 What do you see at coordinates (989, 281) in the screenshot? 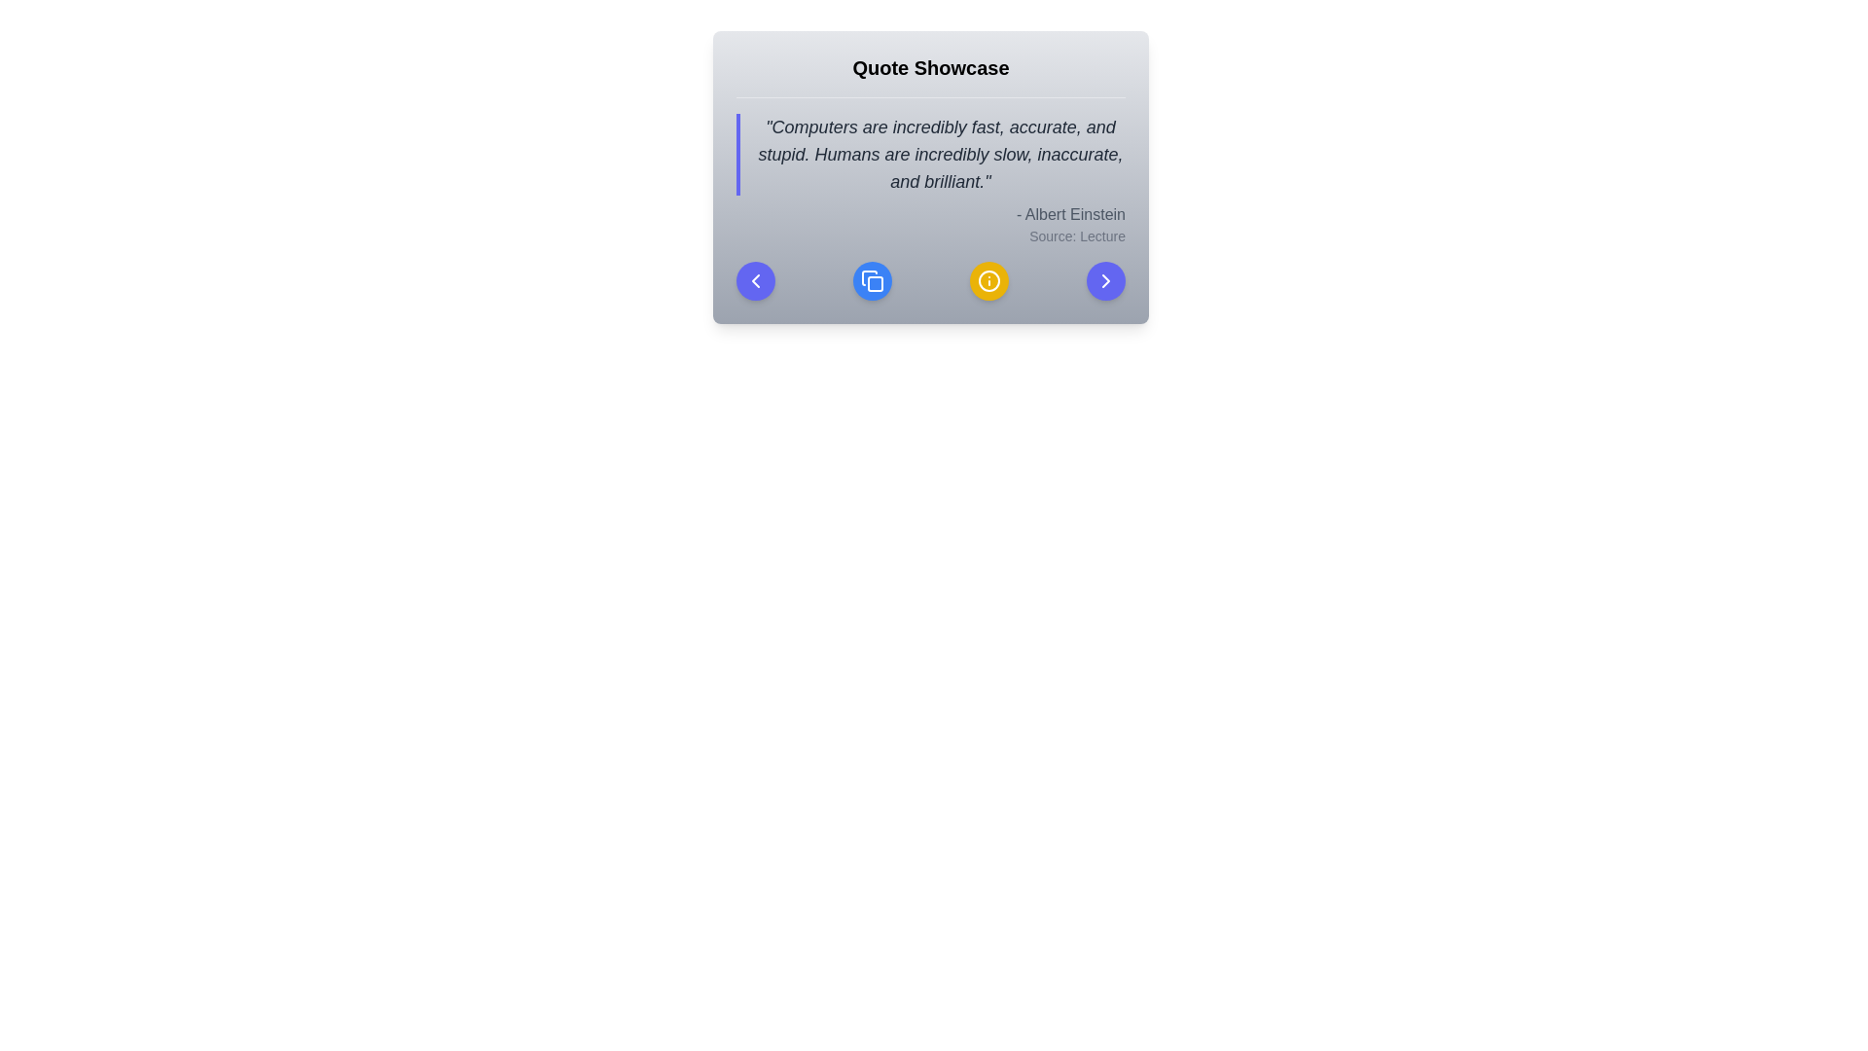
I see `the circular yellow button with a white outline and an information icon, which is the third button in a row at the bottom of the card, positioned between a blue copy button and a blue navigation button` at bounding box center [989, 281].